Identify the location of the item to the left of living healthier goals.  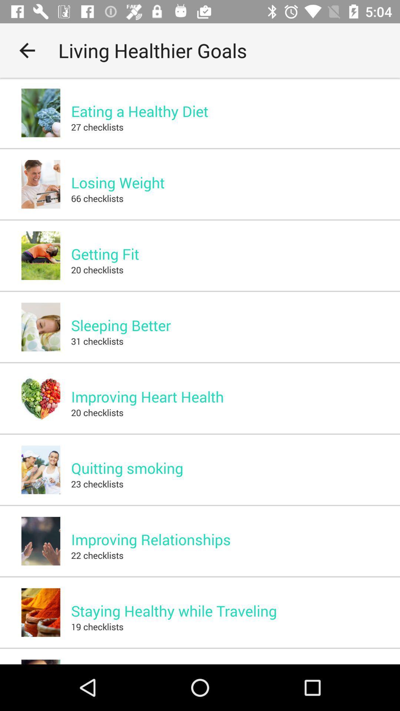
(27, 50).